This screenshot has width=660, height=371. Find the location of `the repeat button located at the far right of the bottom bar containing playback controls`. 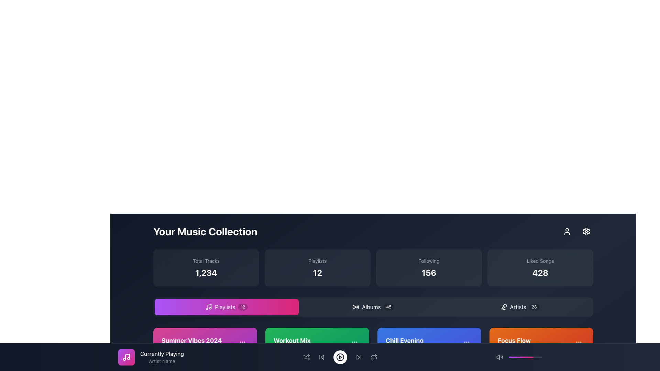

the repeat button located at the far right of the bottom bar containing playback controls is located at coordinates (373, 357).